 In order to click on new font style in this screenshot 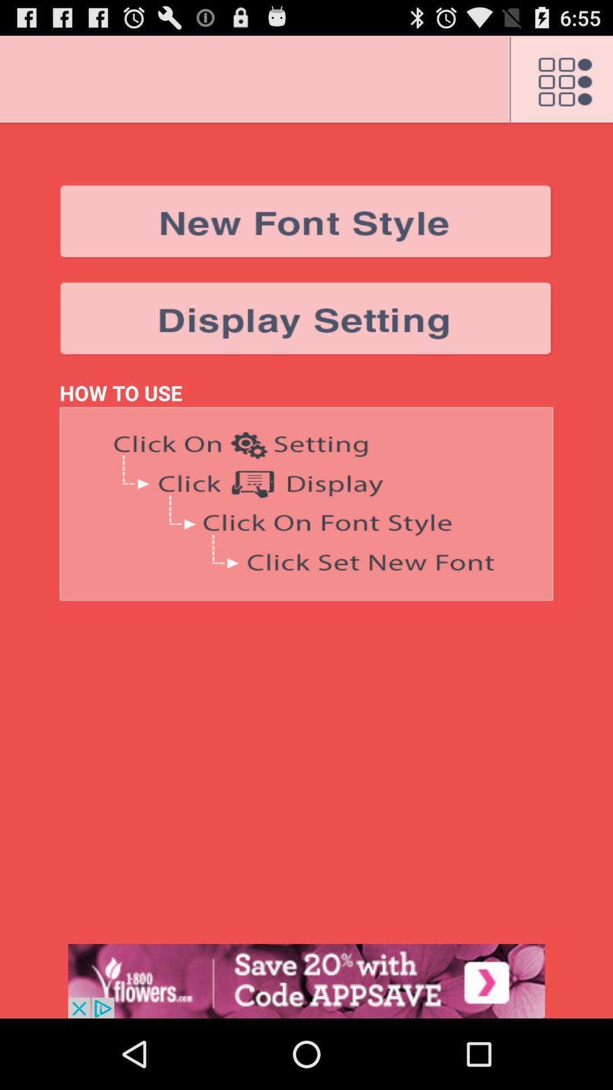, I will do `click(306, 222)`.